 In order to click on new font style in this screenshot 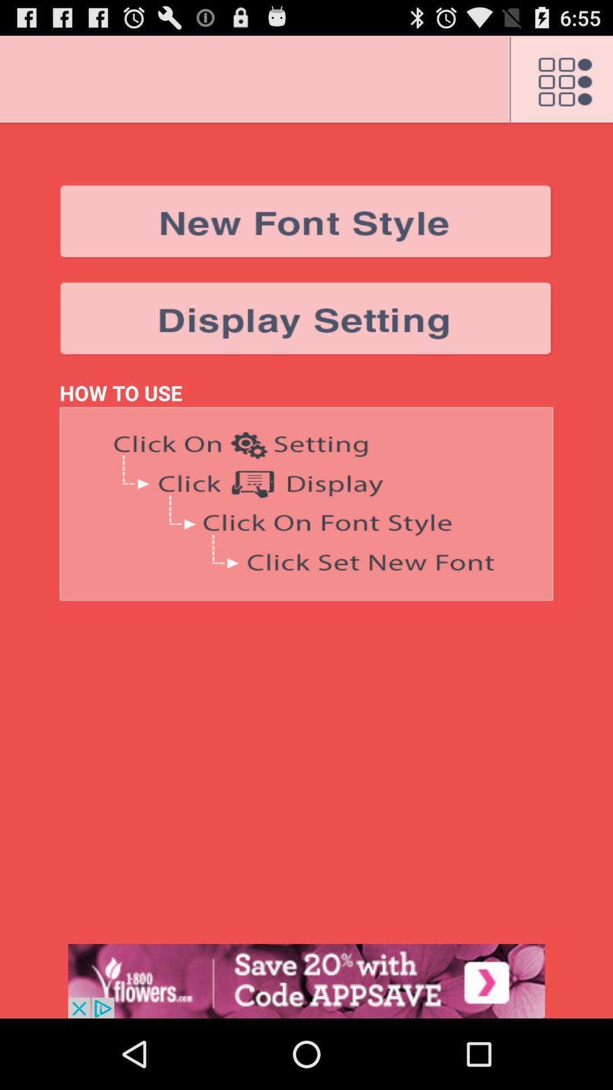, I will do `click(306, 222)`.